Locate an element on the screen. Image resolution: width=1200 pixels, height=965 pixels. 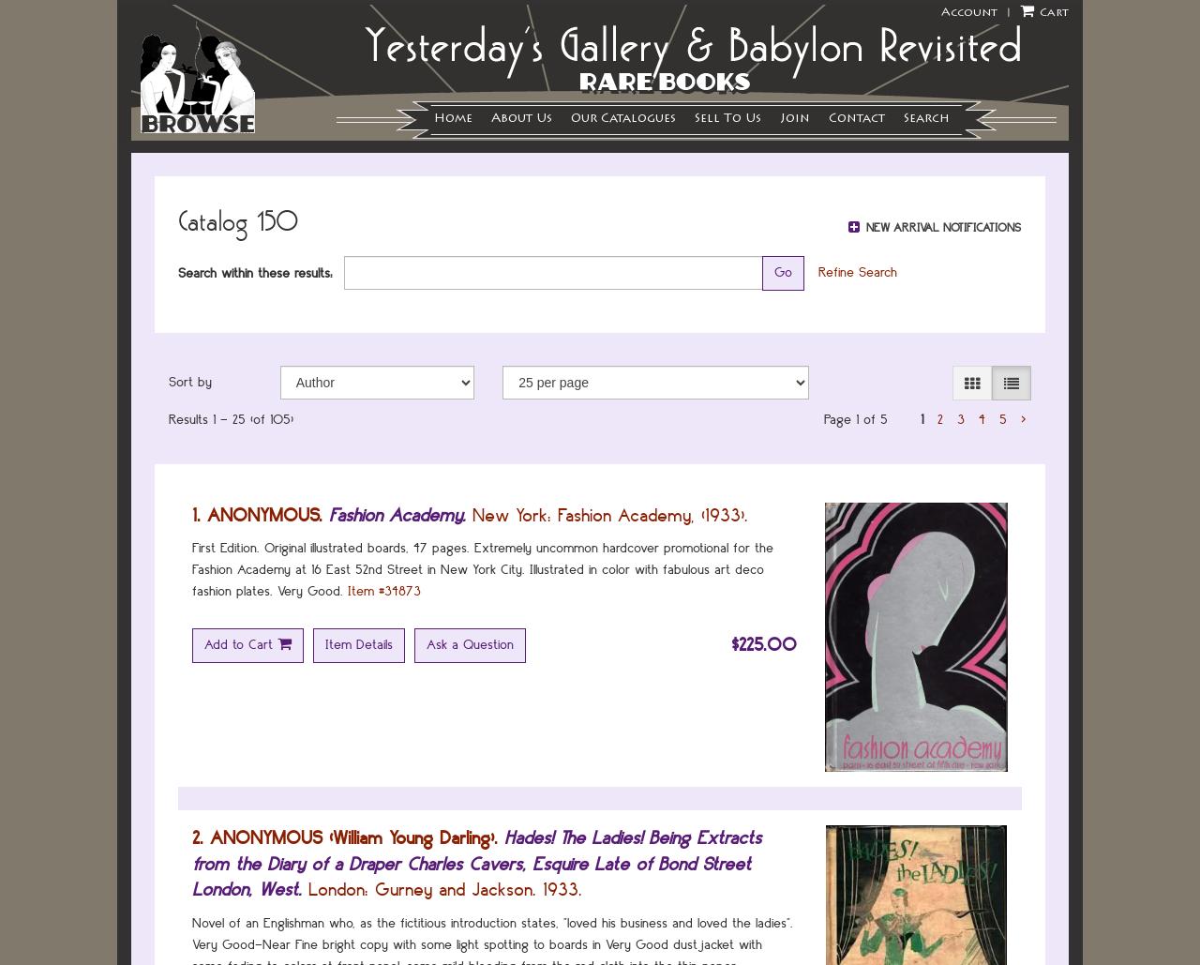
'2' is located at coordinates (940, 418).